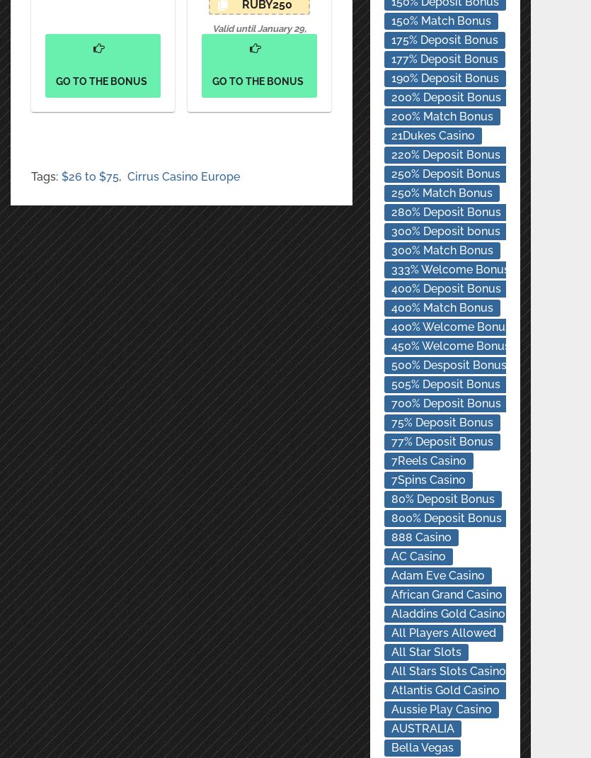  What do you see at coordinates (440, 116) in the screenshot?
I see `'200% Match Bonus'` at bounding box center [440, 116].